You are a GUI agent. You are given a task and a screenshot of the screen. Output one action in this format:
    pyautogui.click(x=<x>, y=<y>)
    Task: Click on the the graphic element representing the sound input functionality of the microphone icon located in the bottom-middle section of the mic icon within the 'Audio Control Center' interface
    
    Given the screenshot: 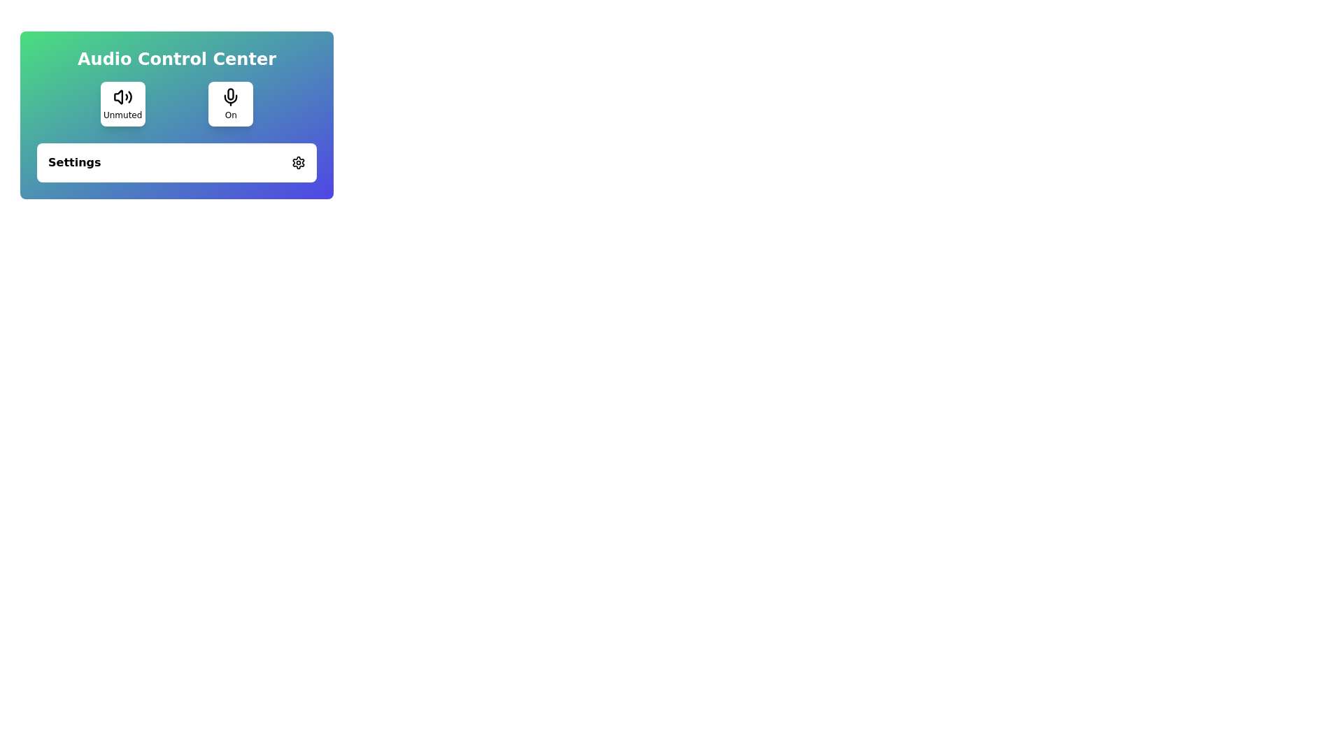 What is the action you would take?
    pyautogui.click(x=231, y=98)
    